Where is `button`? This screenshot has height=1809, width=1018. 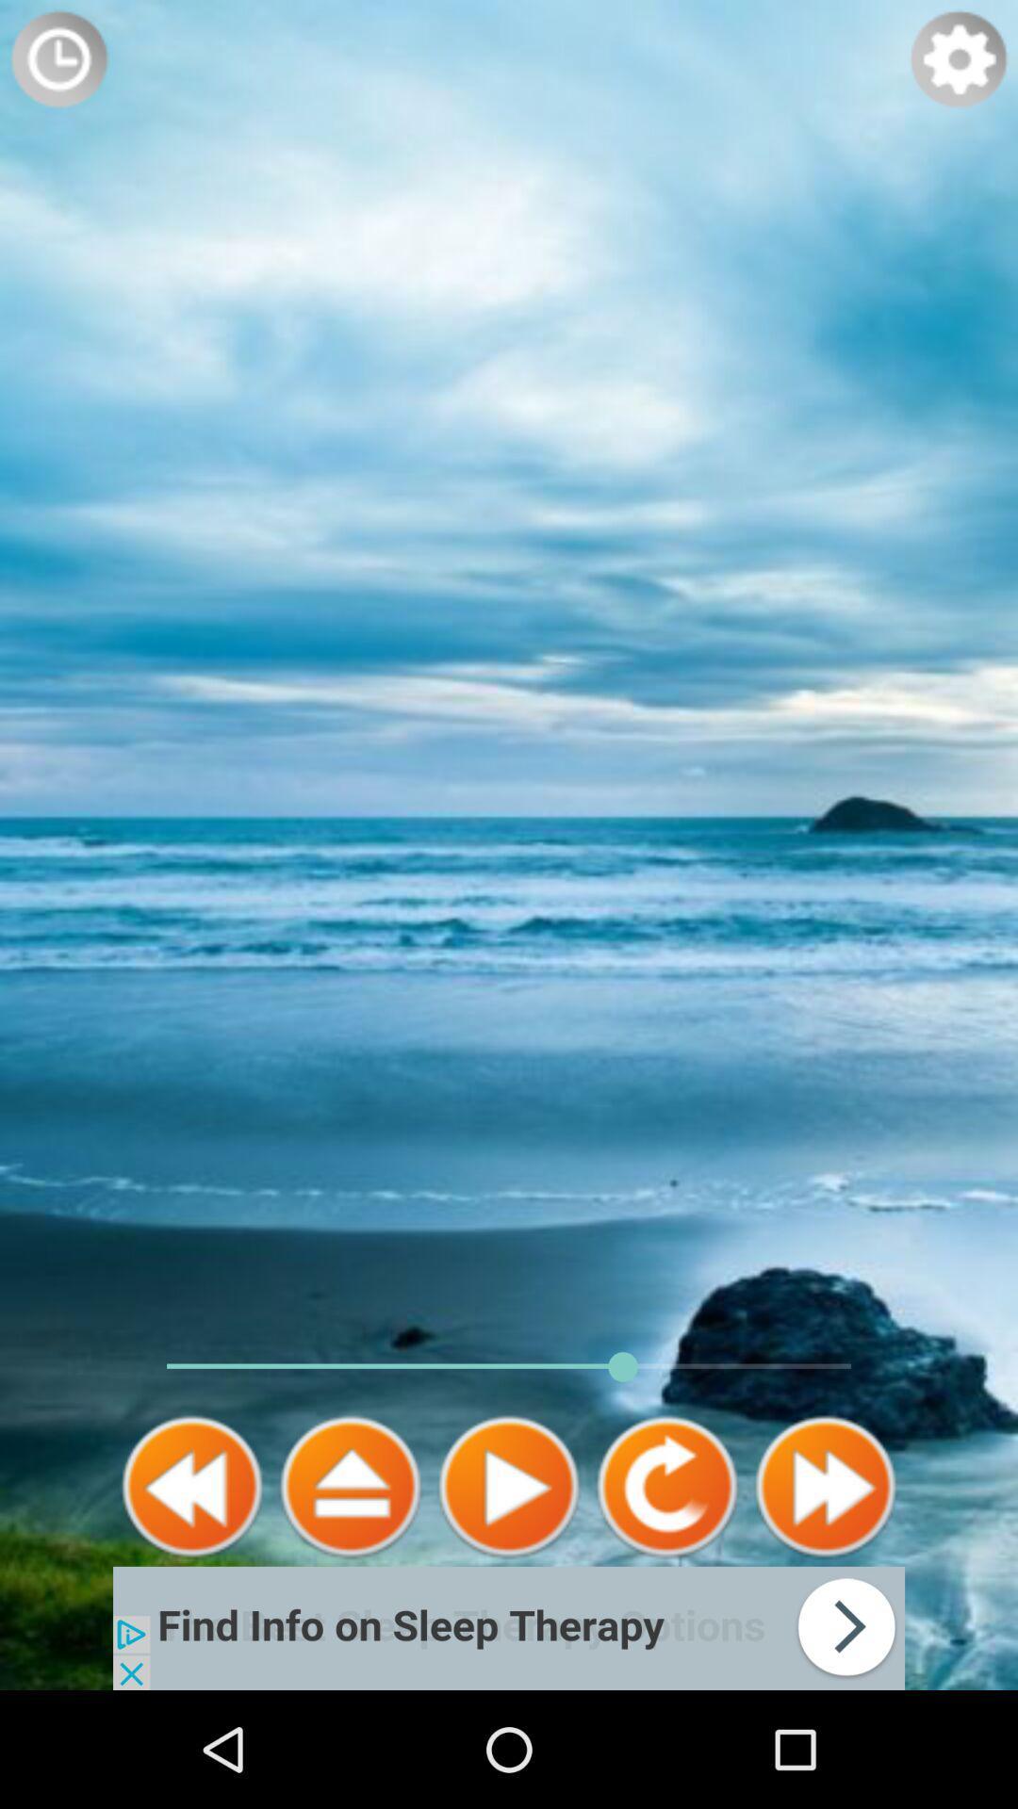
button is located at coordinates (509, 1486).